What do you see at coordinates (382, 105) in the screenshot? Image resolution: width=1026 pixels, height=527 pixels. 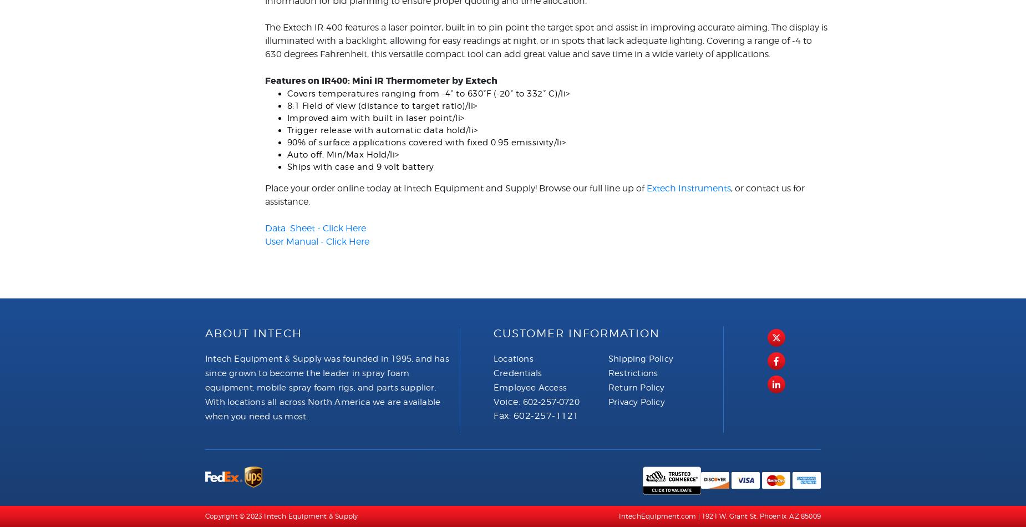 I see `'8:1 Field of view (distance to target ratio)/li>'` at bounding box center [382, 105].